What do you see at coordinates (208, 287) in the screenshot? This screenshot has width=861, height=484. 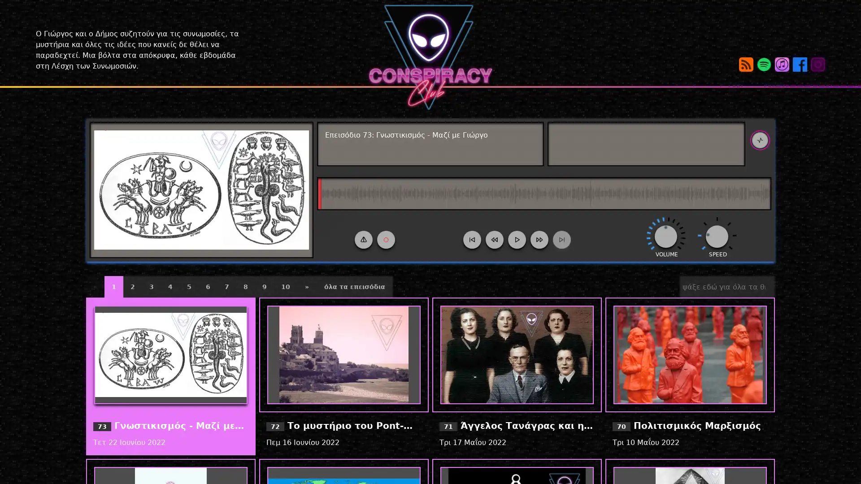 I see `6` at bounding box center [208, 287].